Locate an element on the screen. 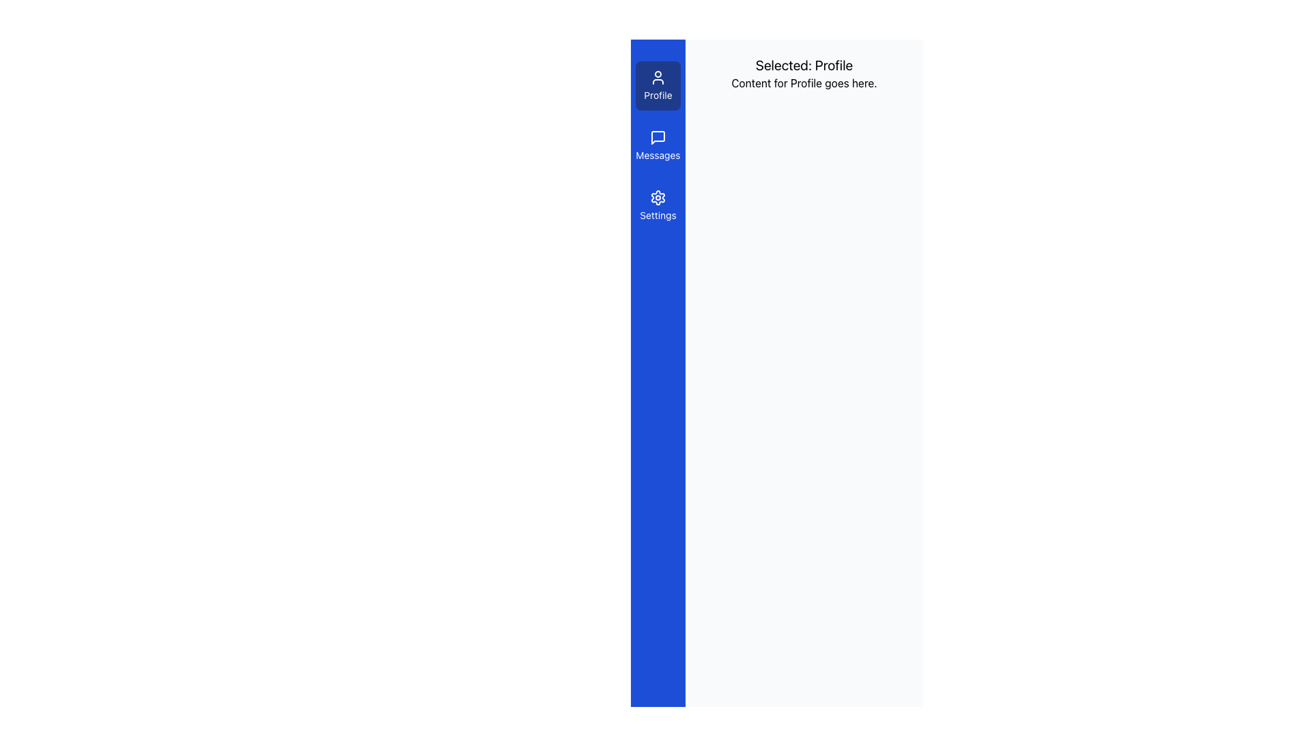 The image size is (1311, 737). the 'Messages' button located in the sidebar menu, which is positioned directly below the 'Profile' option and above the 'Settings' option is located at coordinates (658, 145).